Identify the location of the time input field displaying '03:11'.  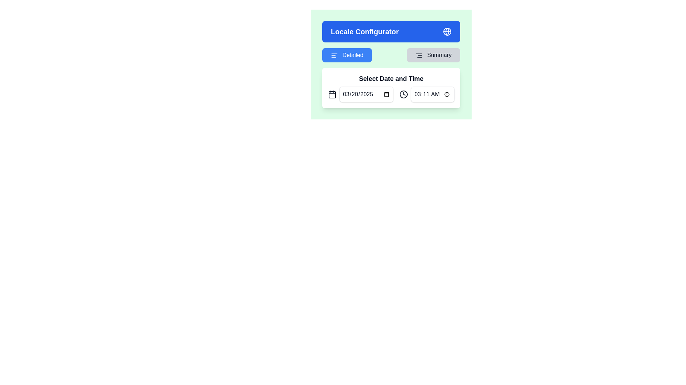
(427, 94).